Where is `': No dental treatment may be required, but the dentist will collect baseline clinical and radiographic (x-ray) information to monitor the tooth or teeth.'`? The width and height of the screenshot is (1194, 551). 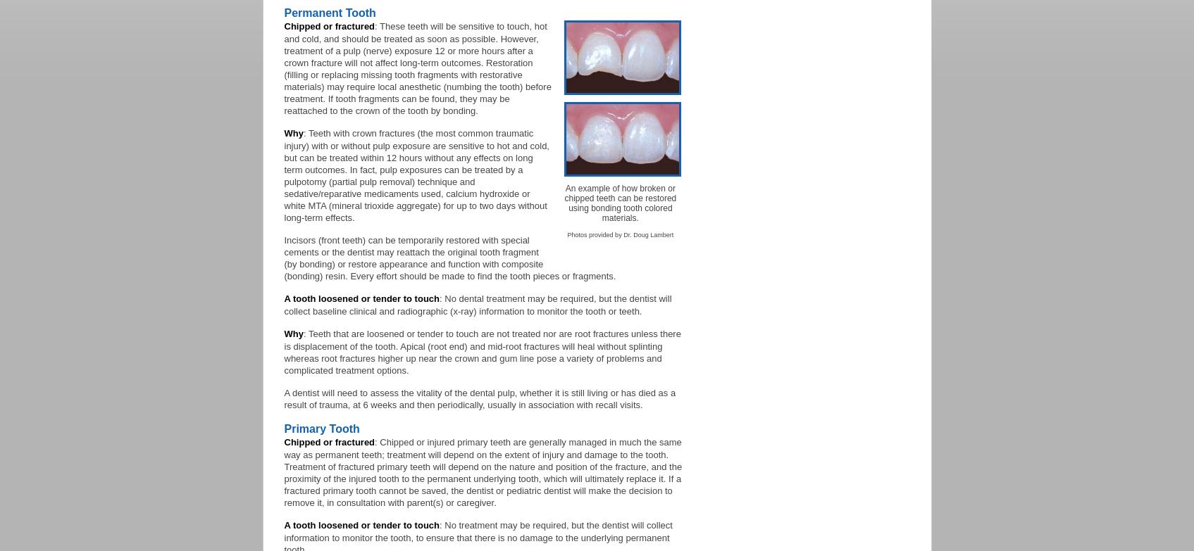 ': No dental treatment may be required, but the dentist will collect baseline clinical and radiographic (x-ray) information to monitor the tooth or teeth.' is located at coordinates (284, 304).